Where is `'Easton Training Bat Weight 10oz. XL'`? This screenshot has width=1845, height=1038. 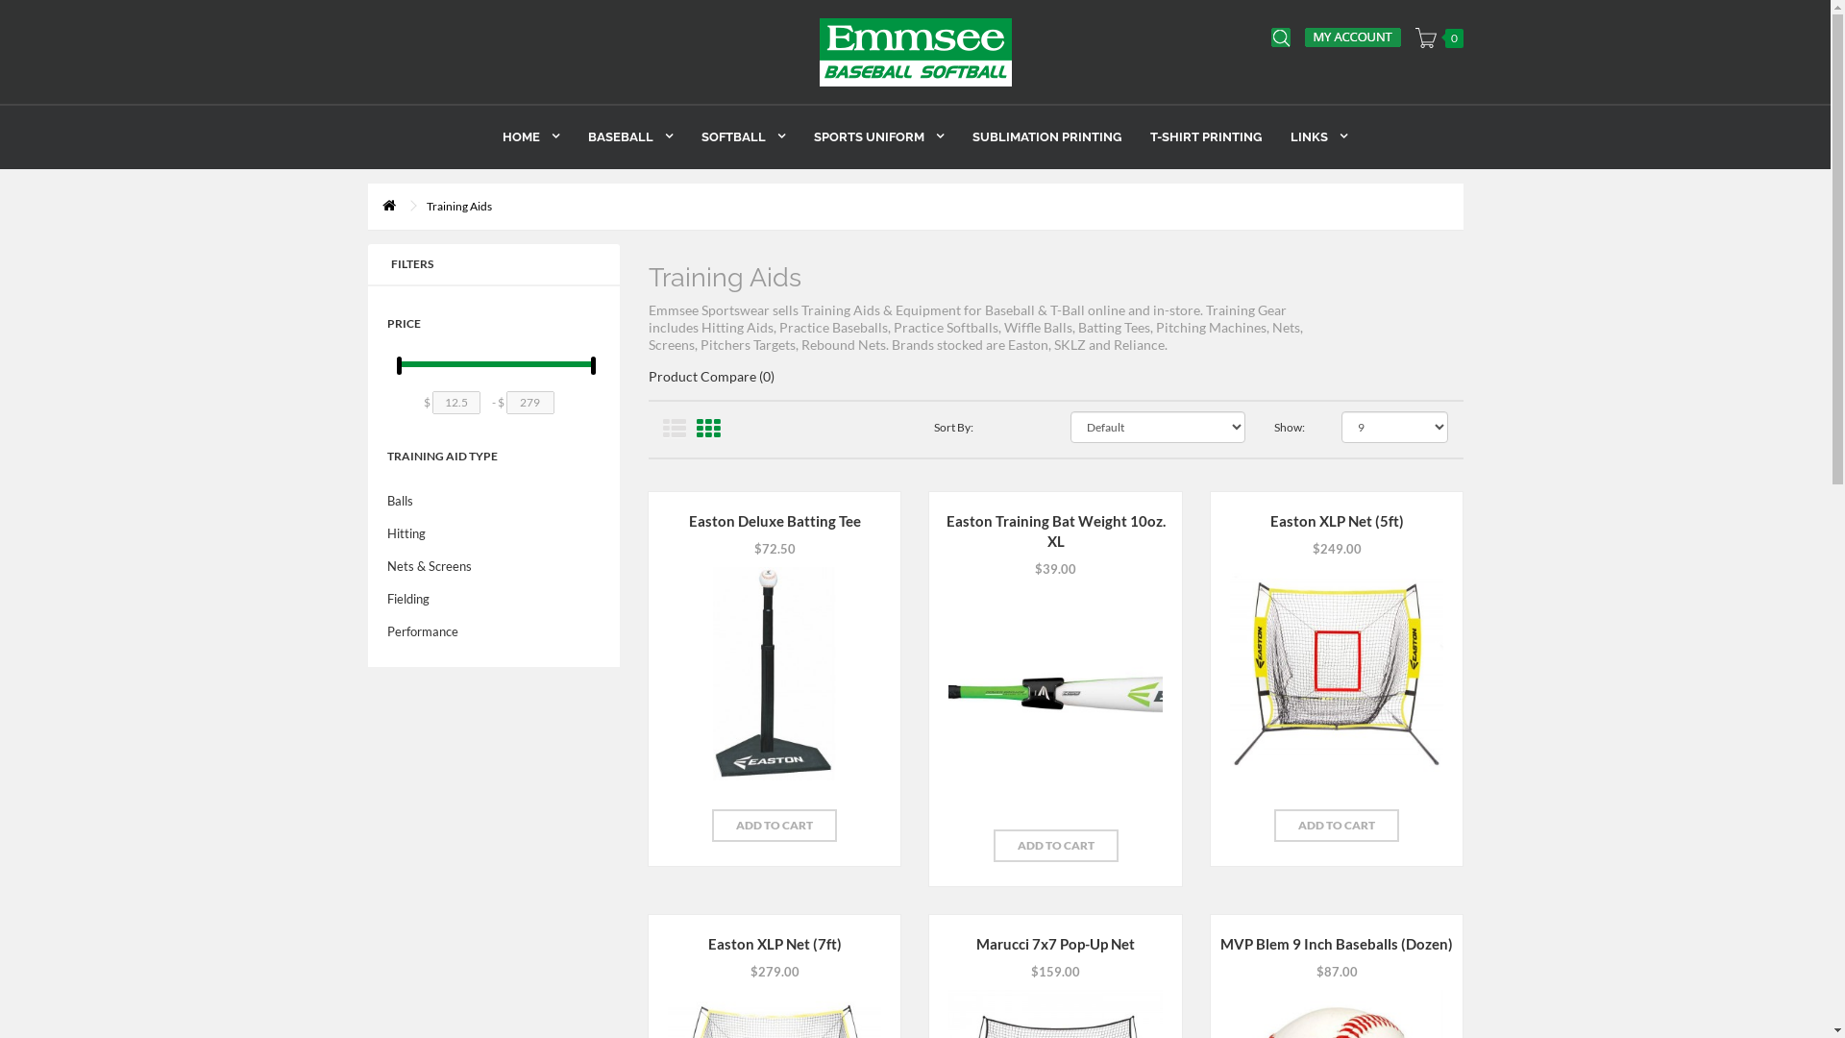 'Easton Training Bat Weight 10oz. XL' is located at coordinates (1055, 531).